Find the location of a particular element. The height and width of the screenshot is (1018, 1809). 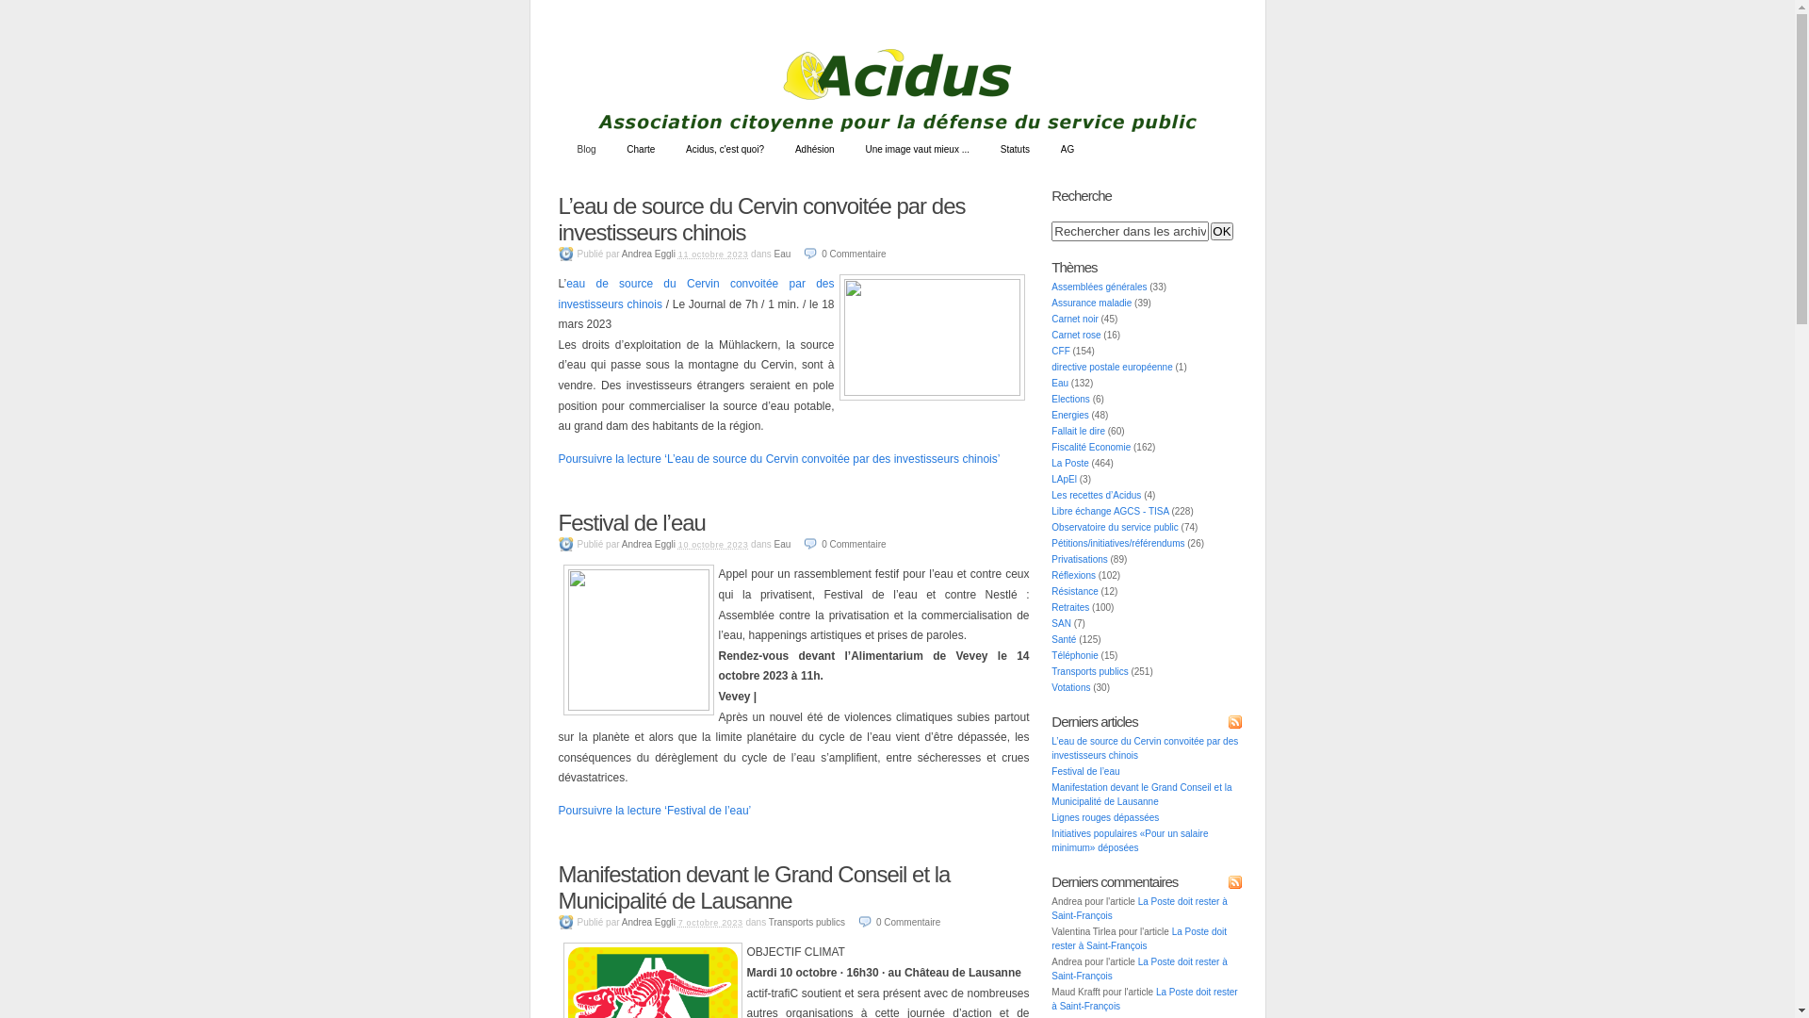

'CFF' is located at coordinates (1060, 351).